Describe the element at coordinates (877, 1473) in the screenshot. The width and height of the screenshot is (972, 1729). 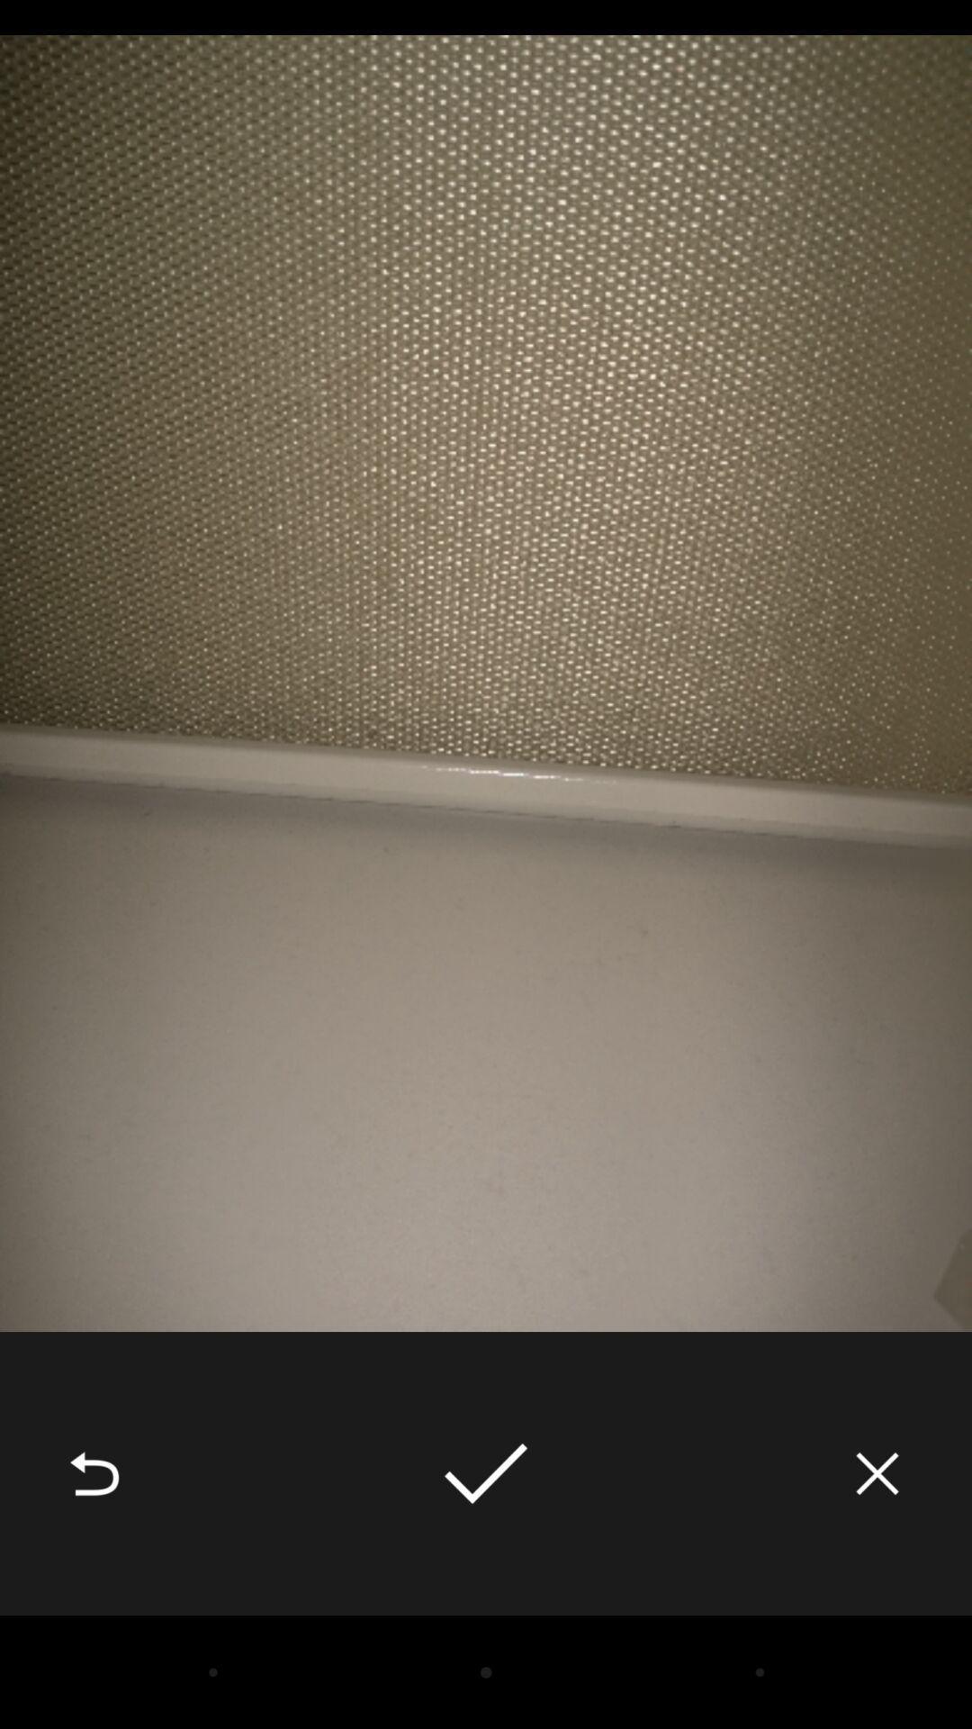
I see `icon at the bottom right corner` at that location.